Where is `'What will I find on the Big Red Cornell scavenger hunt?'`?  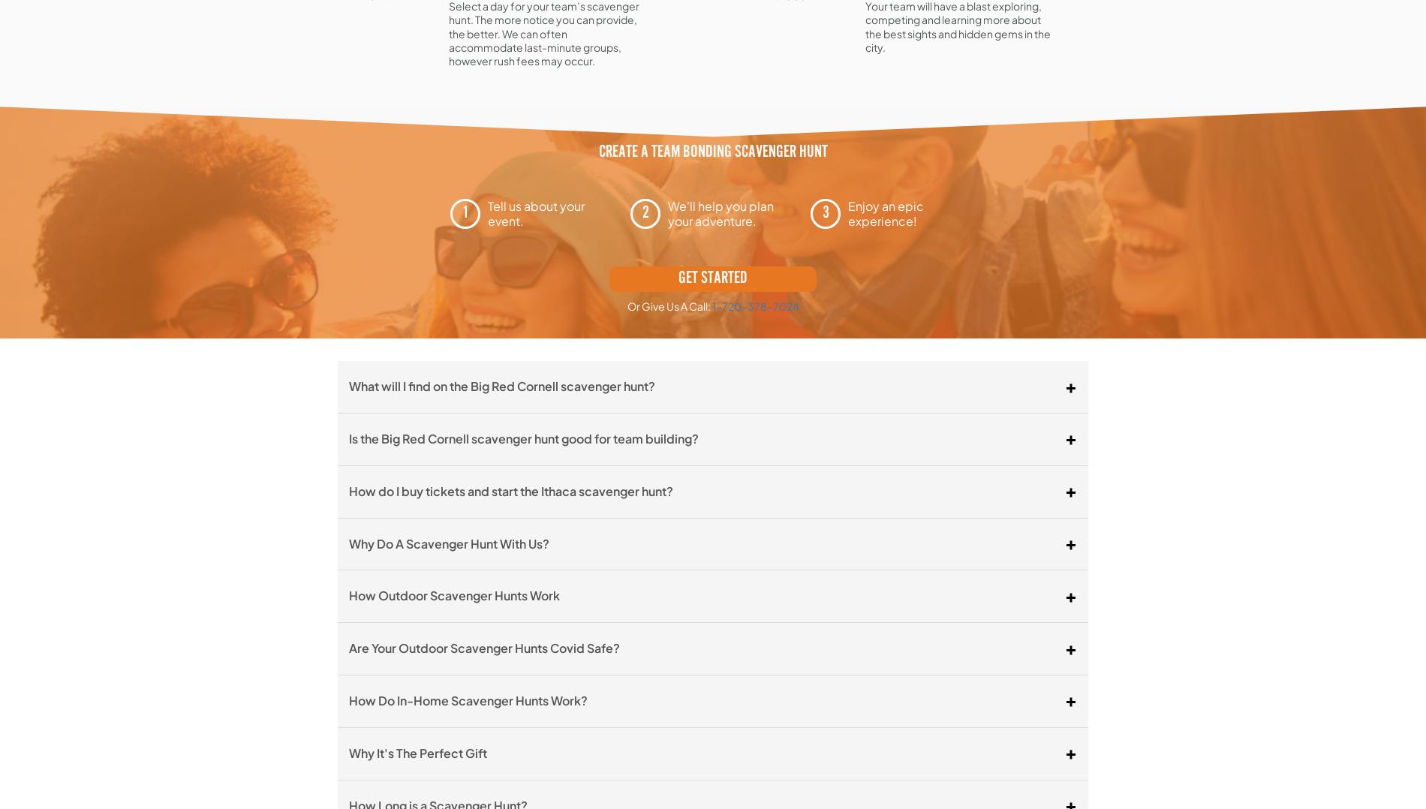
'What will I find on the Big Red Cornell scavenger hunt?' is located at coordinates (347, 386).